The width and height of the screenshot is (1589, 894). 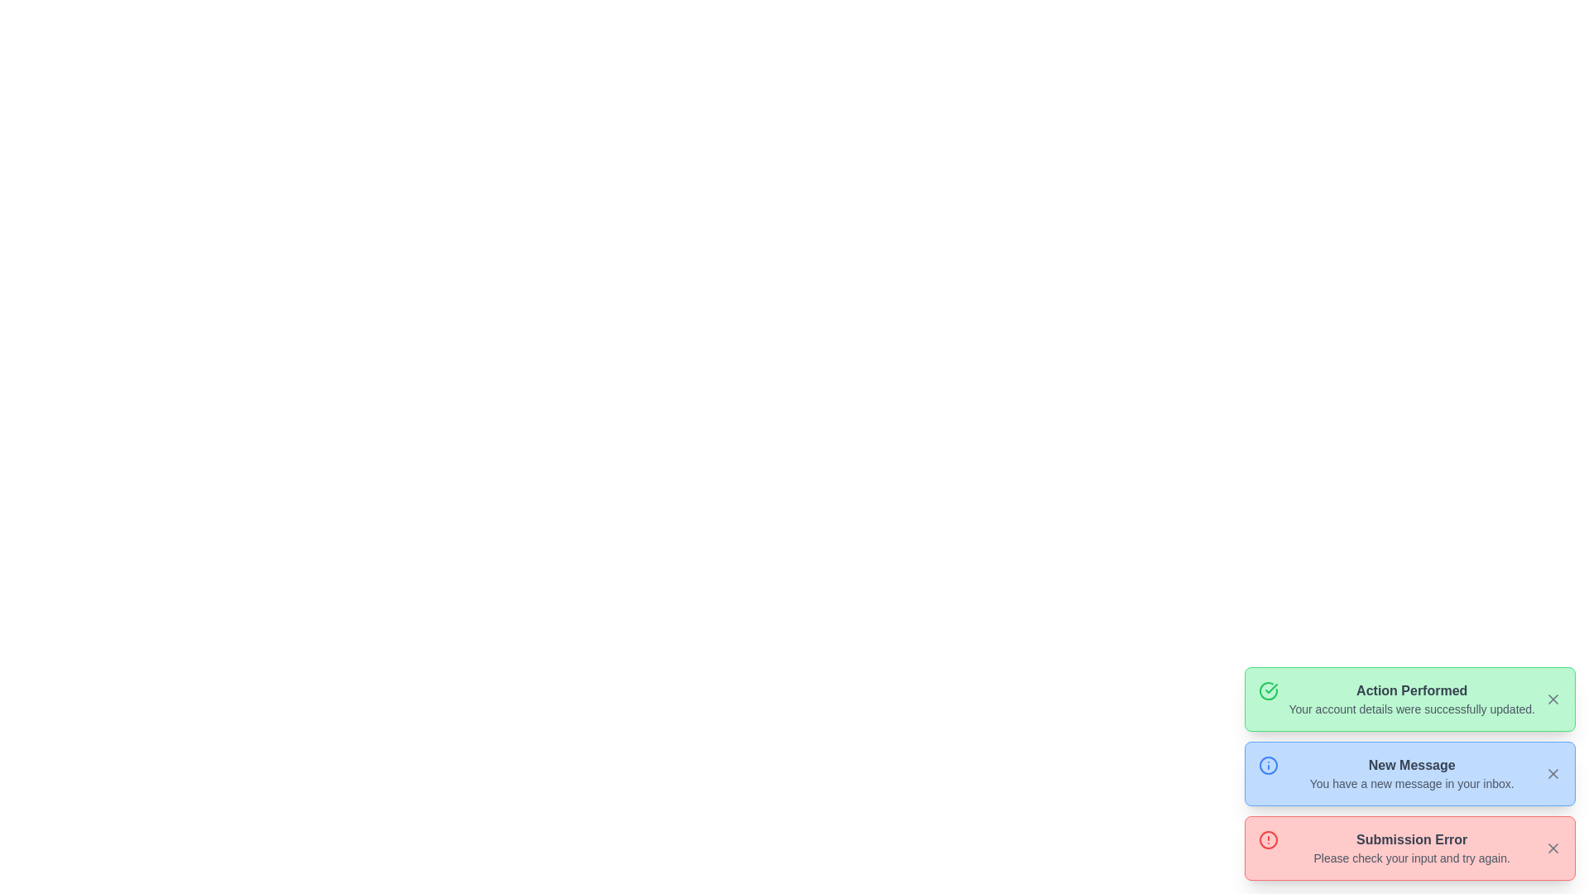 What do you see at coordinates (1411, 773) in the screenshot?
I see `the Textual Information Block that announces a notification of a new message received in the inbox, located within the second notification block from the top, surrounded by a light blue rectangular background` at bounding box center [1411, 773].